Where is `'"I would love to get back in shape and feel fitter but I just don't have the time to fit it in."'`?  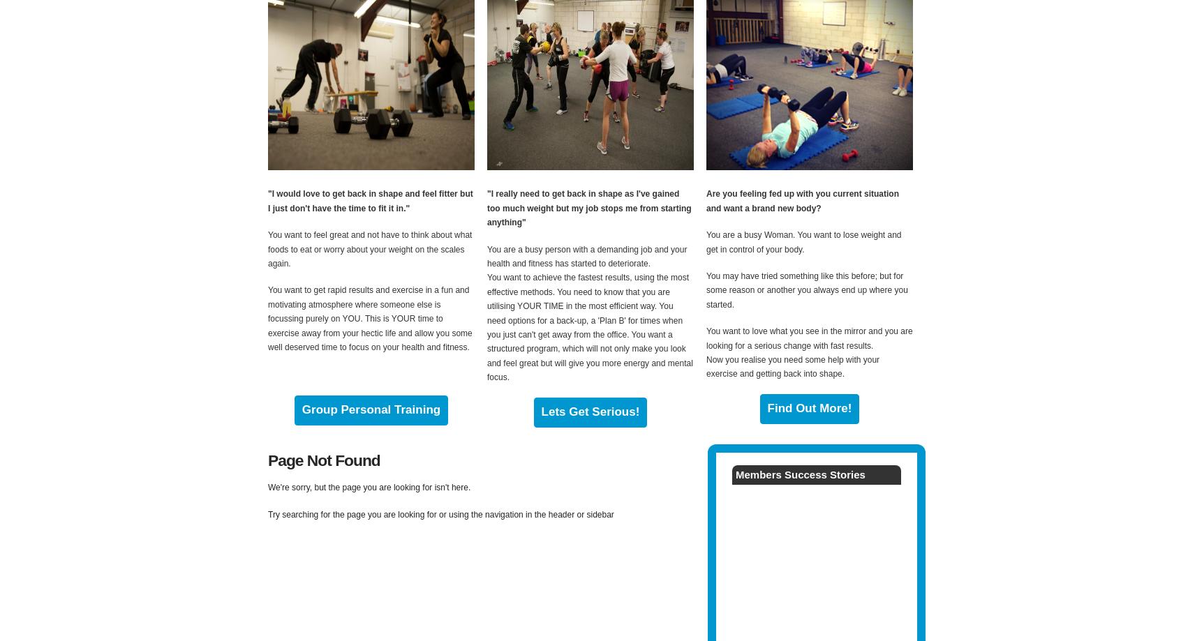
'"I would love to get back in shape and feel fitter but I just don't have the time to fit it in."' is located at coordinates (370, 200).